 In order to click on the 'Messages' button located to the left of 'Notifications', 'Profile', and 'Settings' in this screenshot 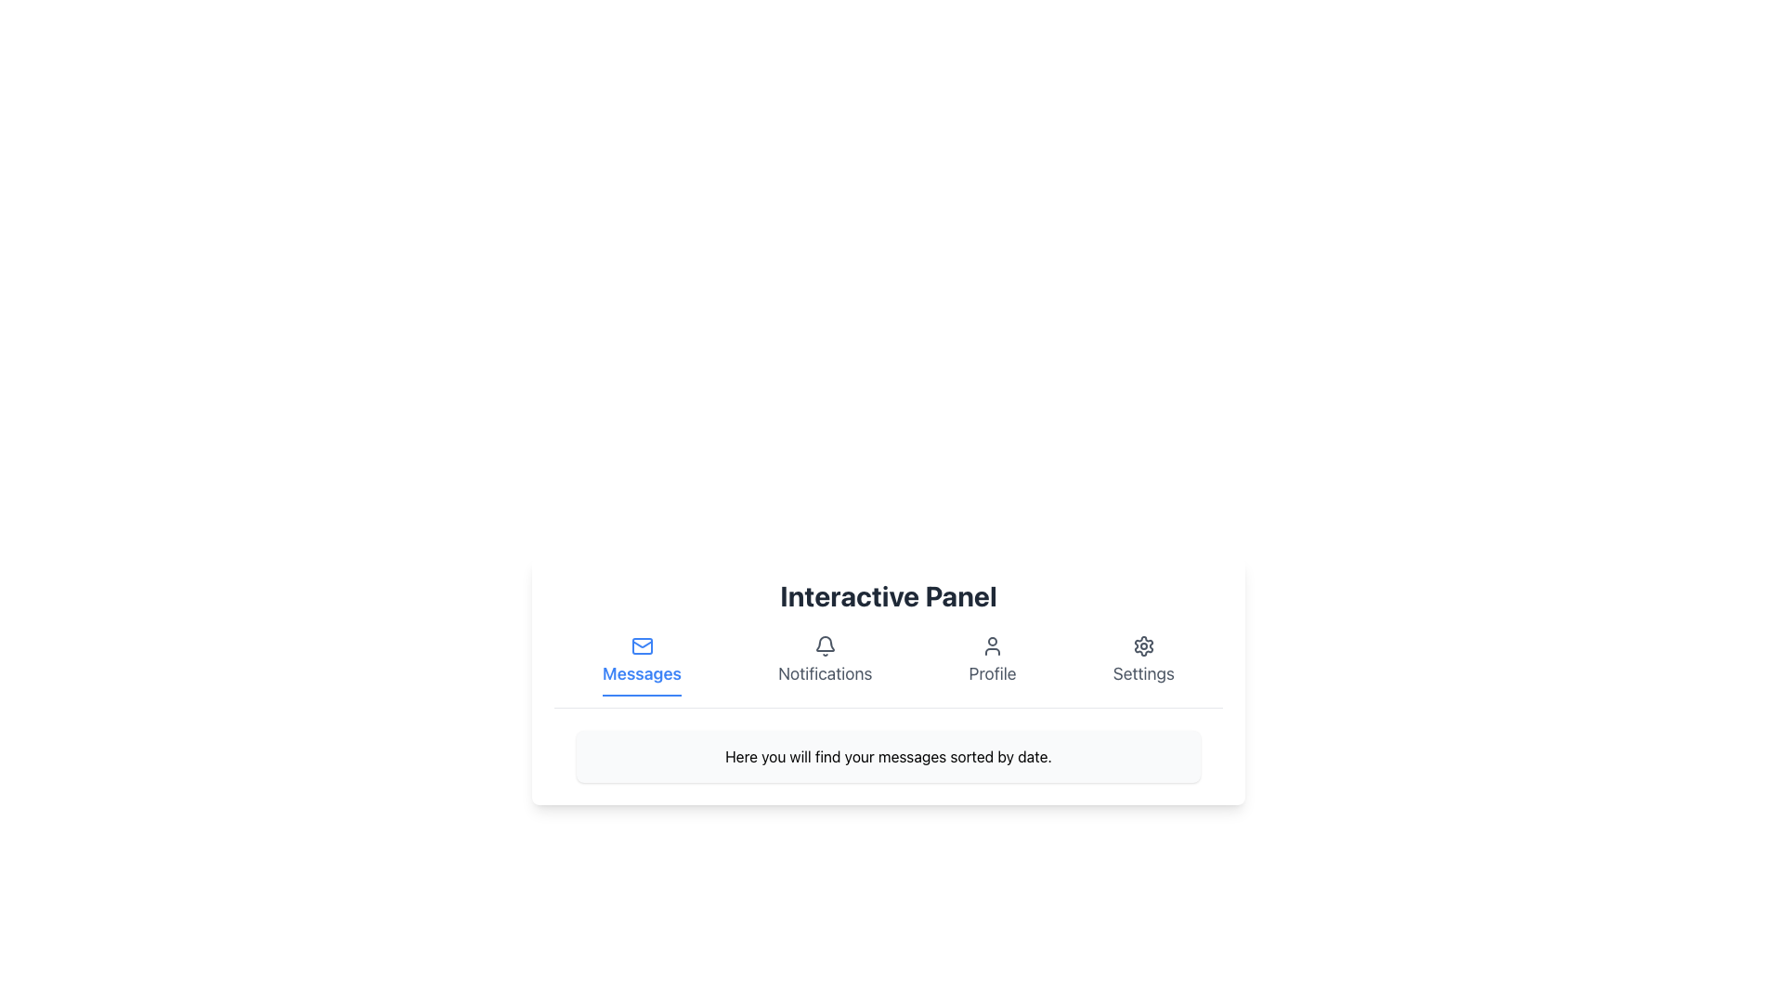, I will do `click(642, 665)`.